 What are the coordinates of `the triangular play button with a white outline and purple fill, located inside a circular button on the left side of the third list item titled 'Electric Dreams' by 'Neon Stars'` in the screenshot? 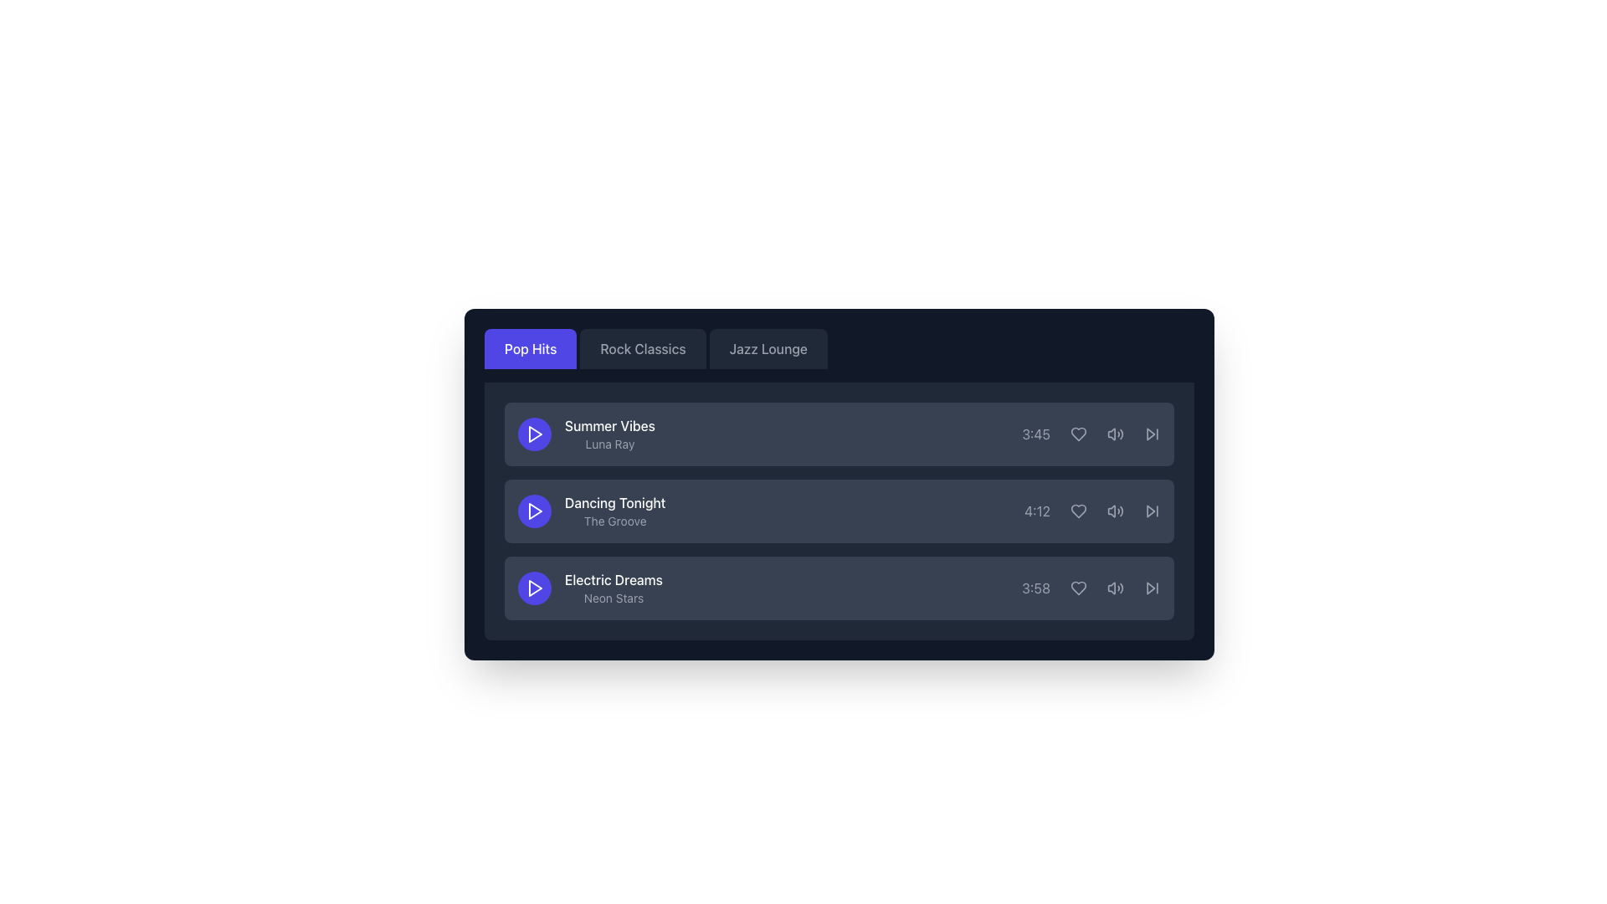 It's located at (533, 587).